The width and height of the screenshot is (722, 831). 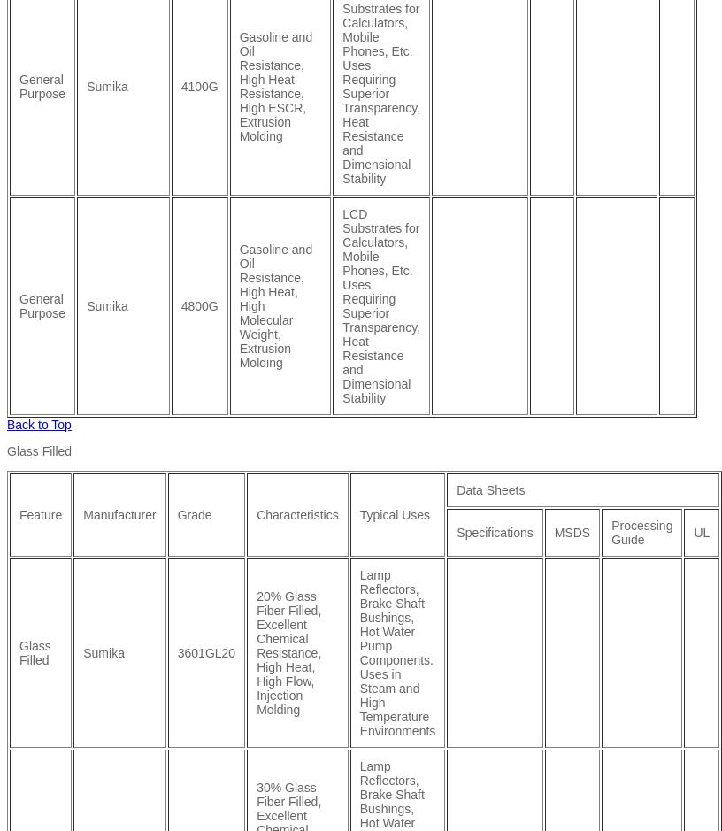 What do you see at coordinates (571, 531) in the screenshot?
I see `'MSDS'` at bounding box center [571, 531].